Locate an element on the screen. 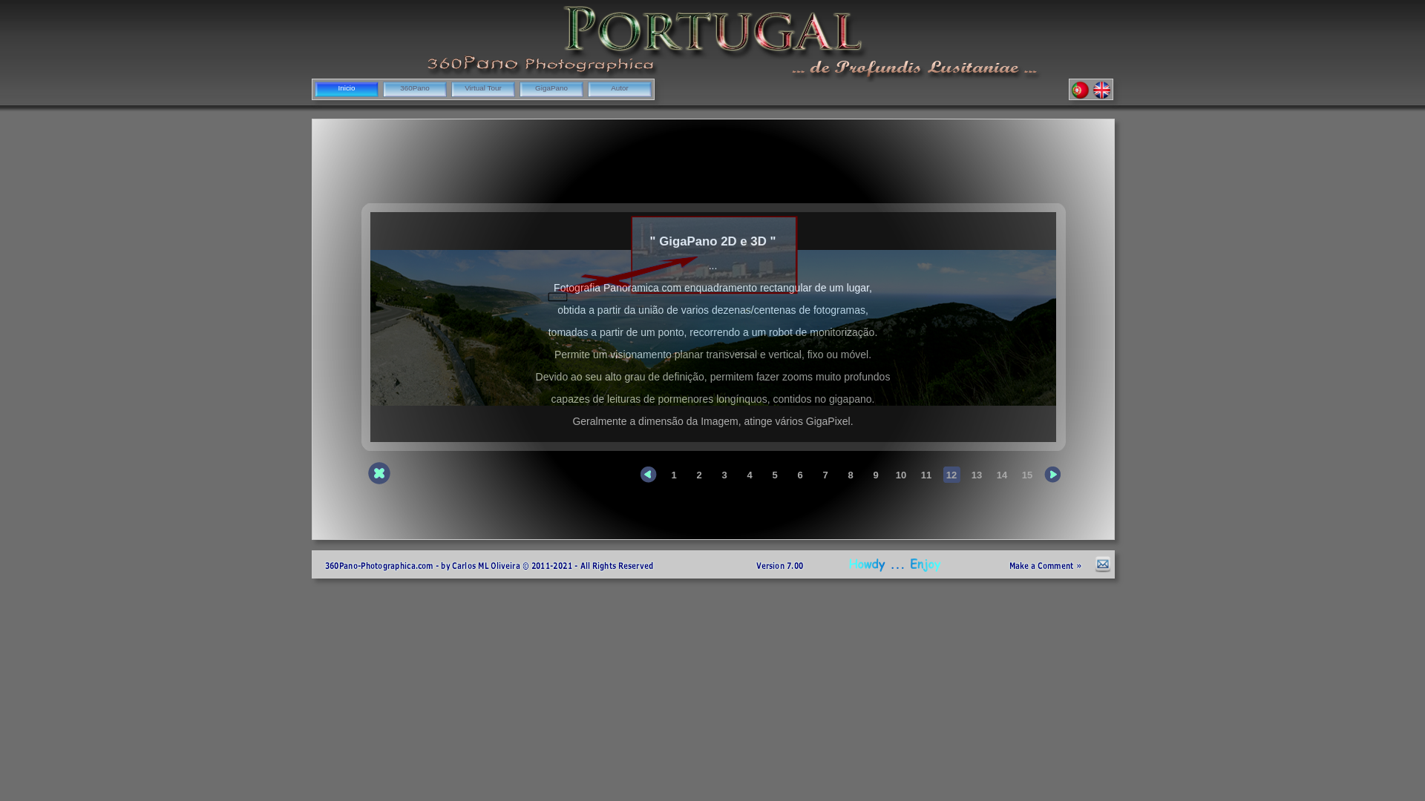  '15' is located at coordinates (1027, 475).